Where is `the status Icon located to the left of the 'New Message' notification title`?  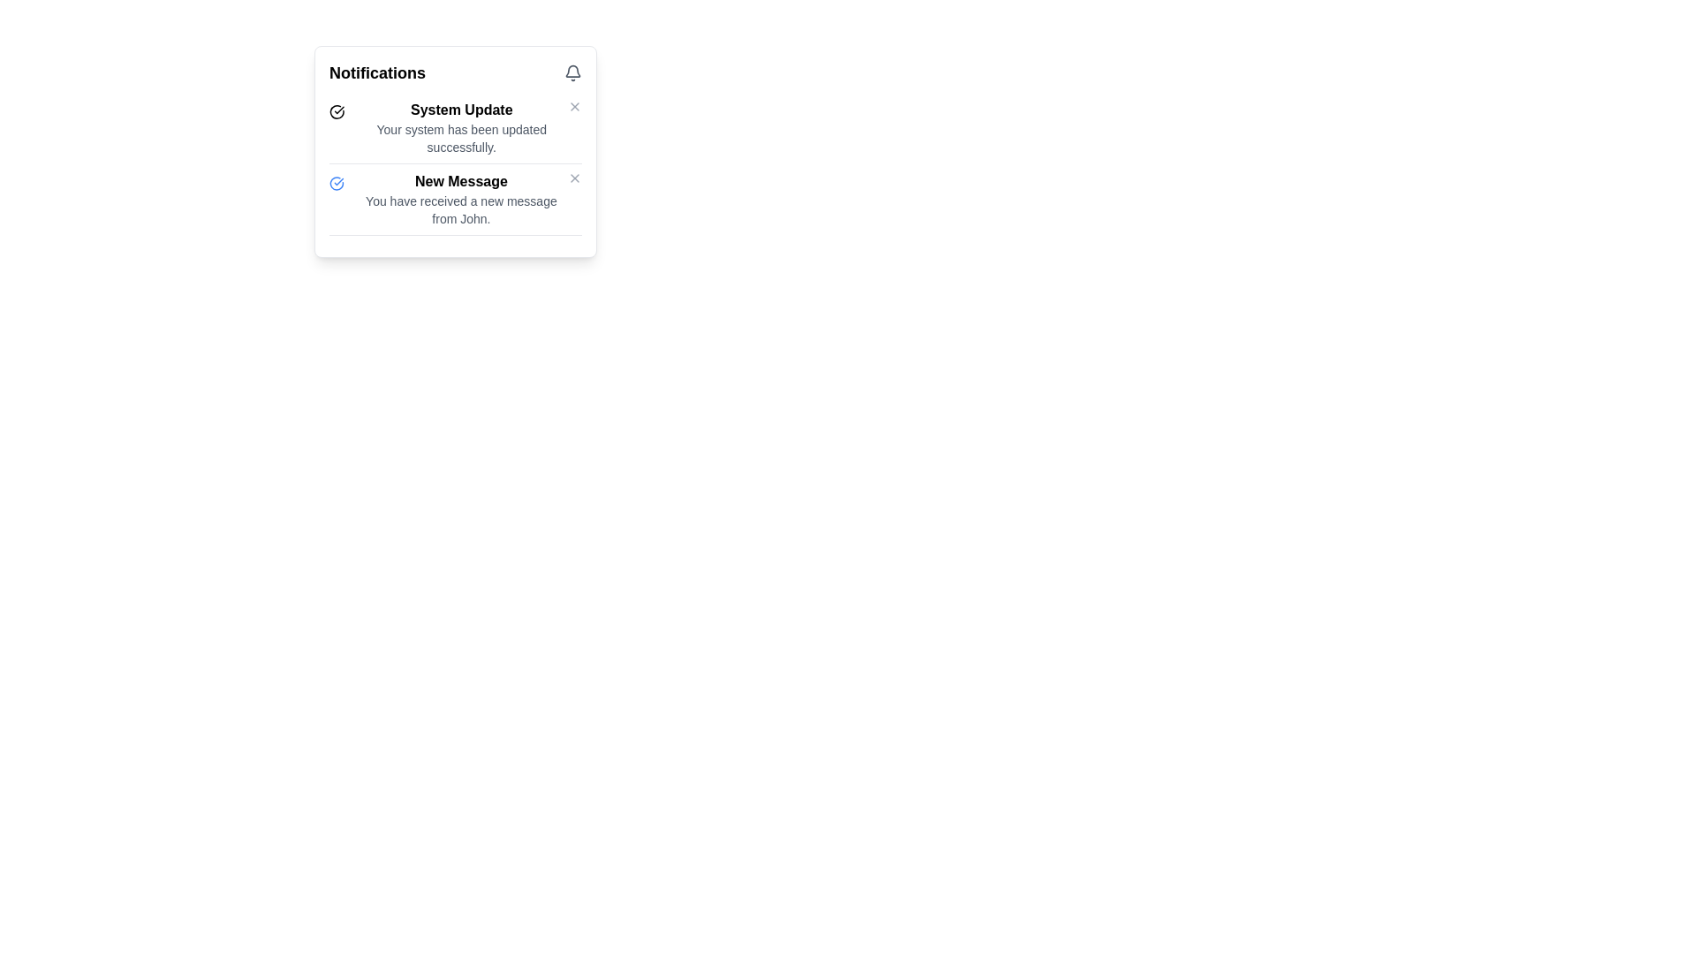 the status Icon located to the left of the 'New Message' notification title is located at coordinates (337, 184).